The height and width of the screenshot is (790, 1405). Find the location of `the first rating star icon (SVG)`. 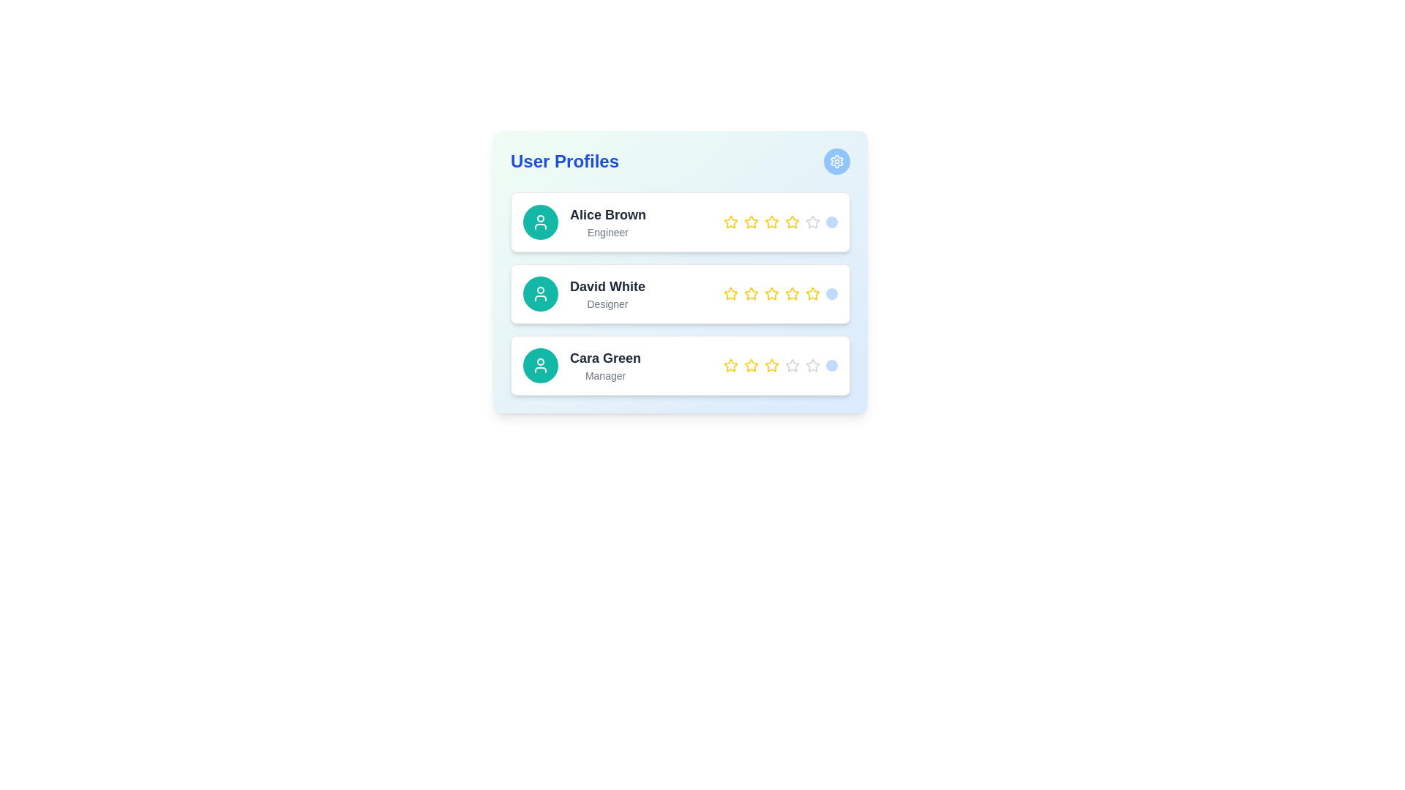

the first rating star icon (SVG) is located at coordinates (730, 222).